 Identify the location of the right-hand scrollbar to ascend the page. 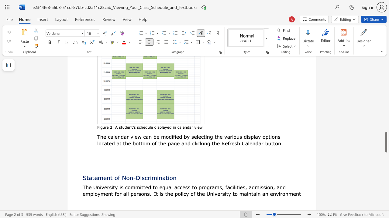
(386, 88).